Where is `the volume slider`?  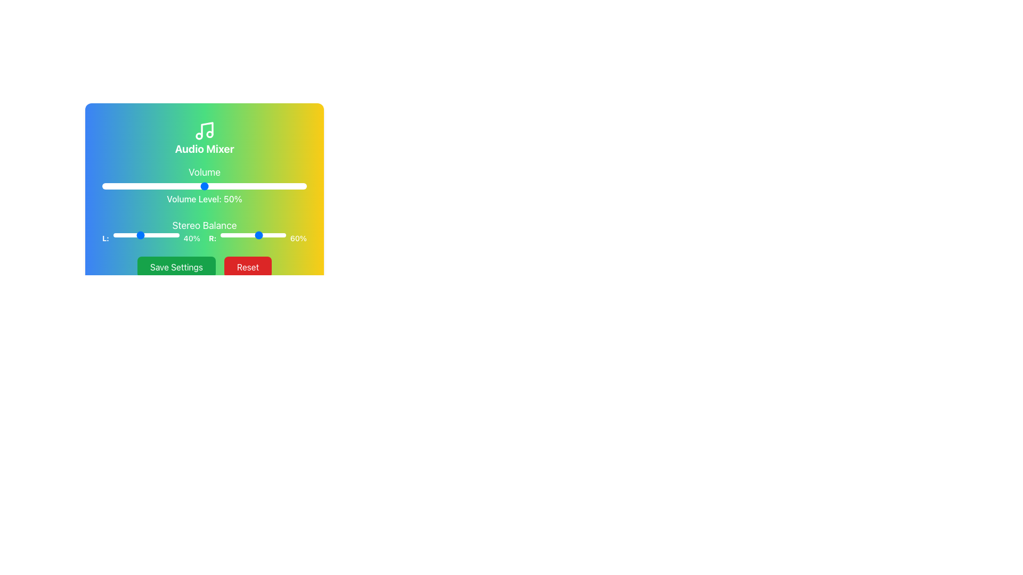
the volume slider is located at coordinates (192, 186).